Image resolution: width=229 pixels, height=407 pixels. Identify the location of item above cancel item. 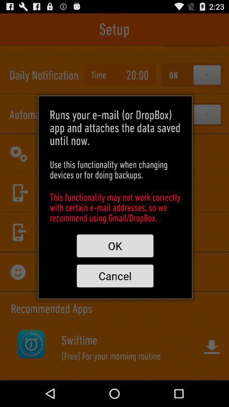
(114, 246).